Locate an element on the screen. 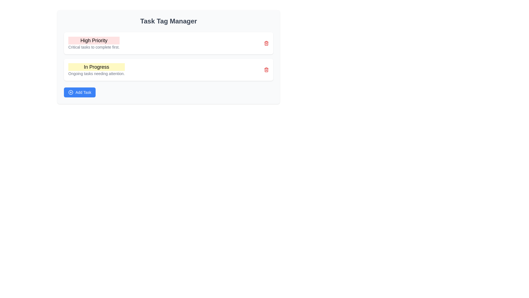 This screenshot has width=529, height=298. the 'High Priority' text display header with a light red background and the subtitle 'Critical tasks to complete first.' located in the top-left portion of the first card in the list is located at coordinates (94, 43).